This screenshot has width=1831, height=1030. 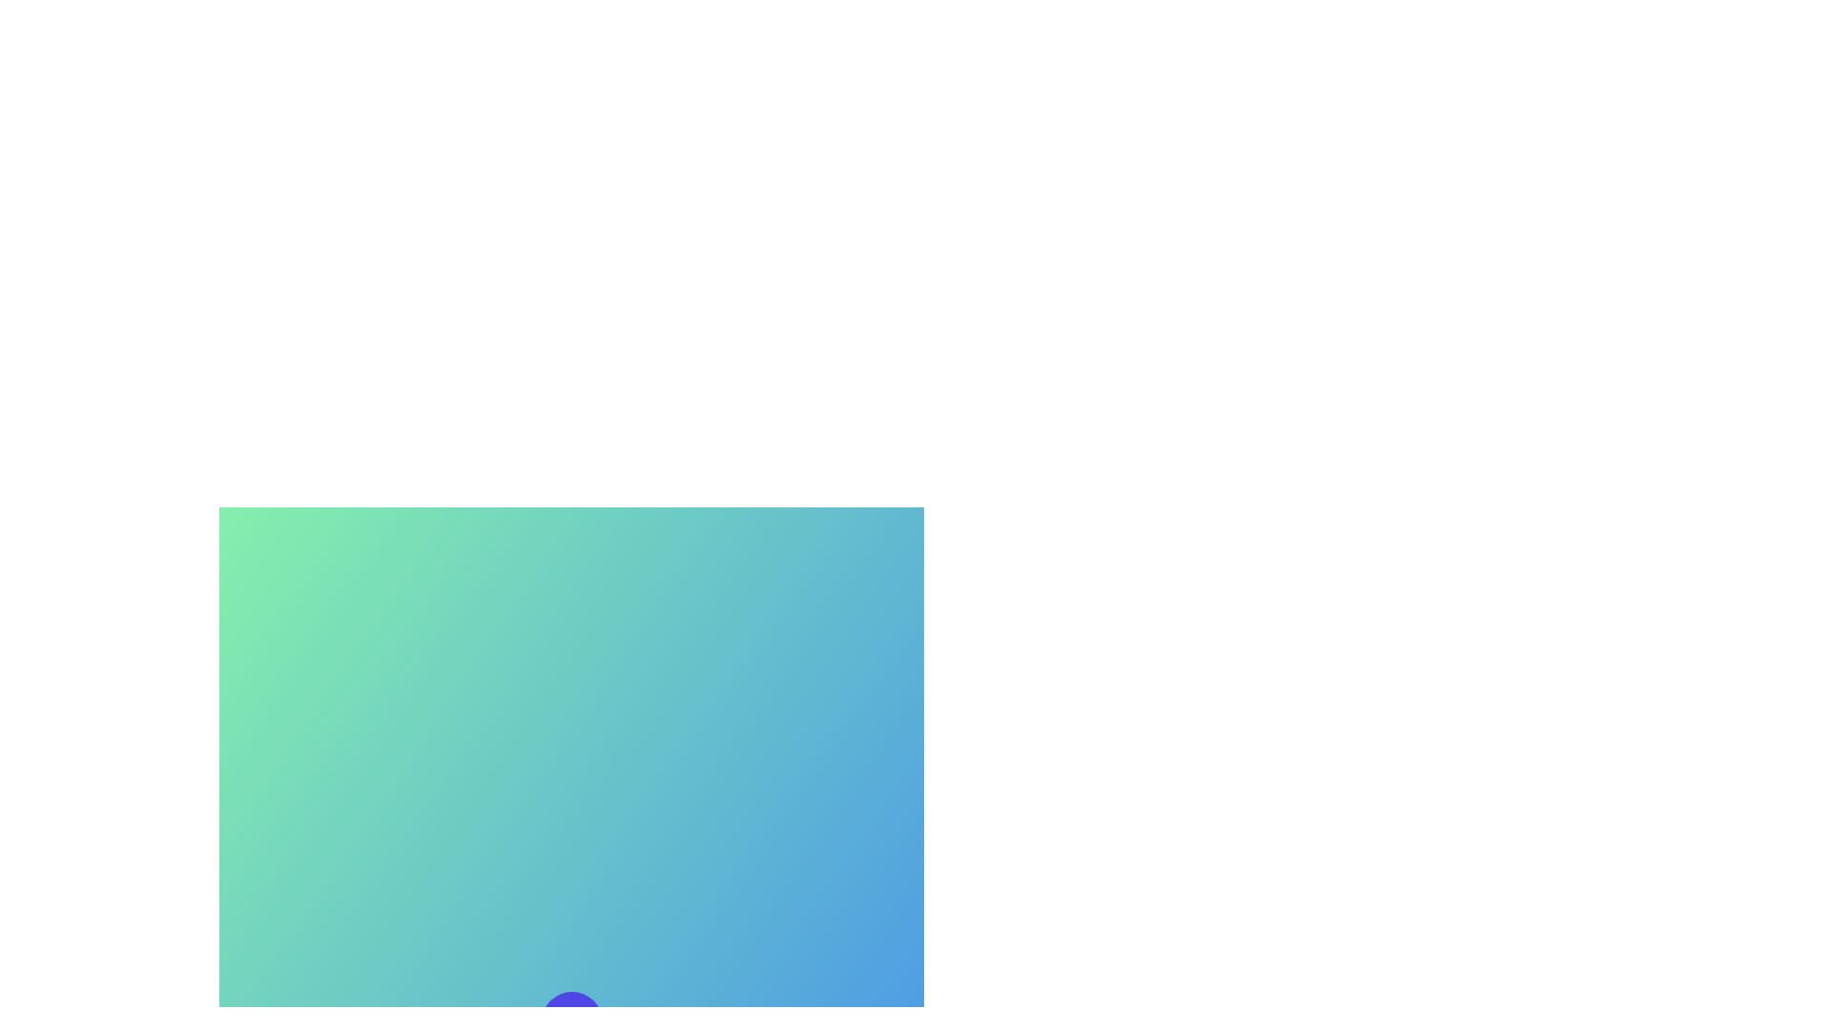 I want to click on main button to toggle the menu, so click(x=570, y=1021).